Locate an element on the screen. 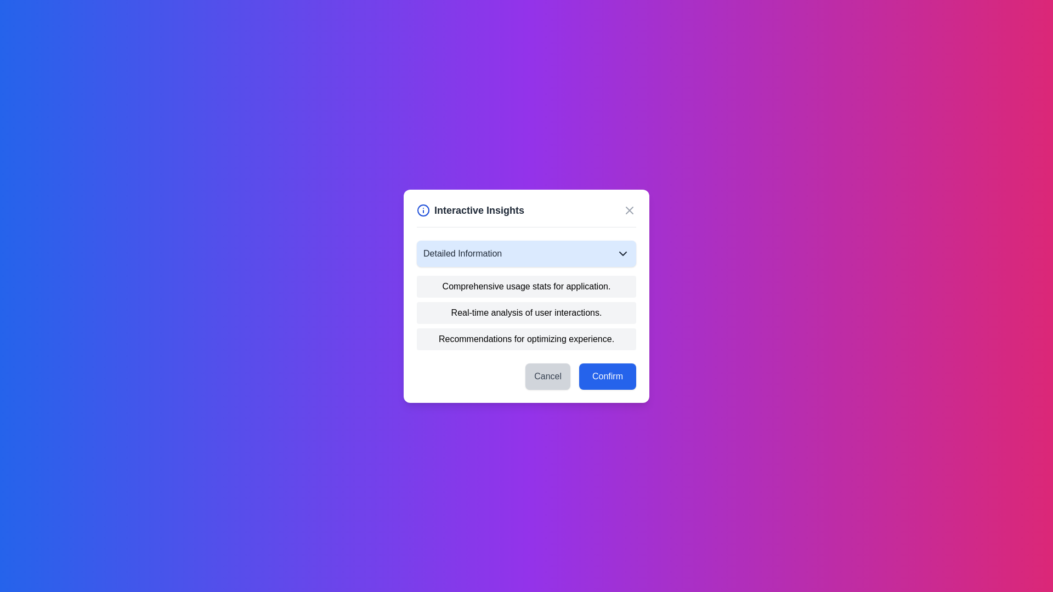  the downward-pointing chevron icon located to the right of the 'Detailed Information' text is located at coordinates (623, 253).